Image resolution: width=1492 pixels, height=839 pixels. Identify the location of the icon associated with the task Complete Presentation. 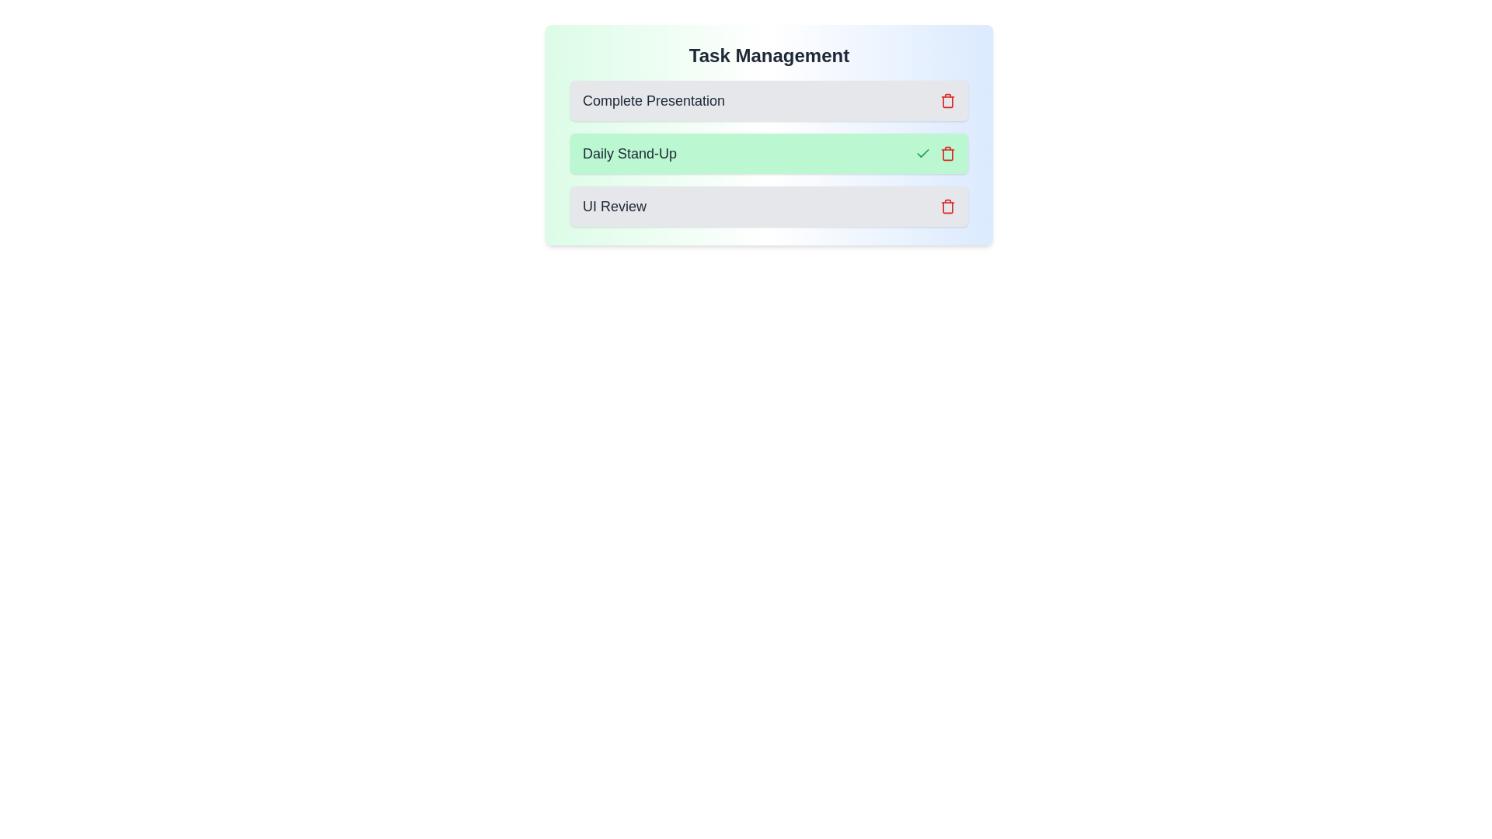
(946, 101).